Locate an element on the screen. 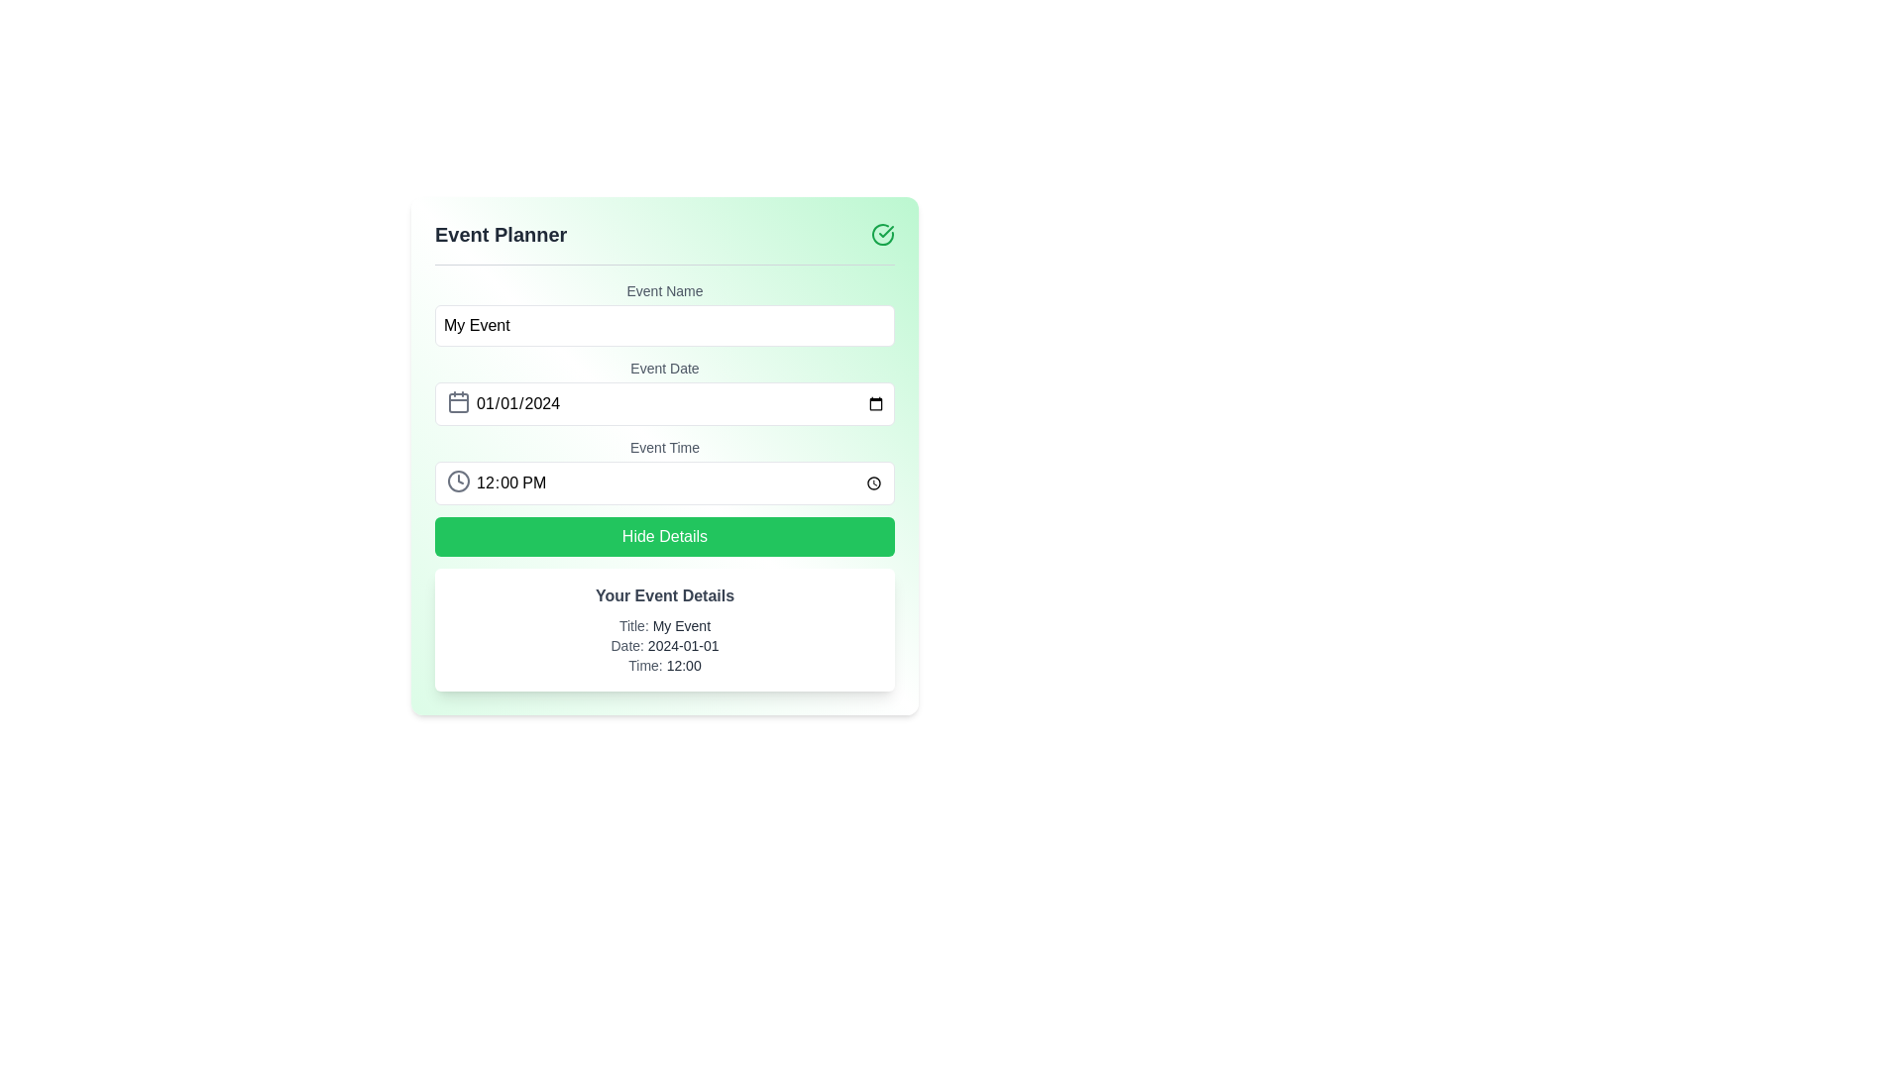 This screenshot has width=1903, height=1070. the button that toggles the visibility of the event details section located between the 'Event Time' and 'Your Event Details' sections in the main event planner form to observe the hover effect is located at coordinates (665, 537).